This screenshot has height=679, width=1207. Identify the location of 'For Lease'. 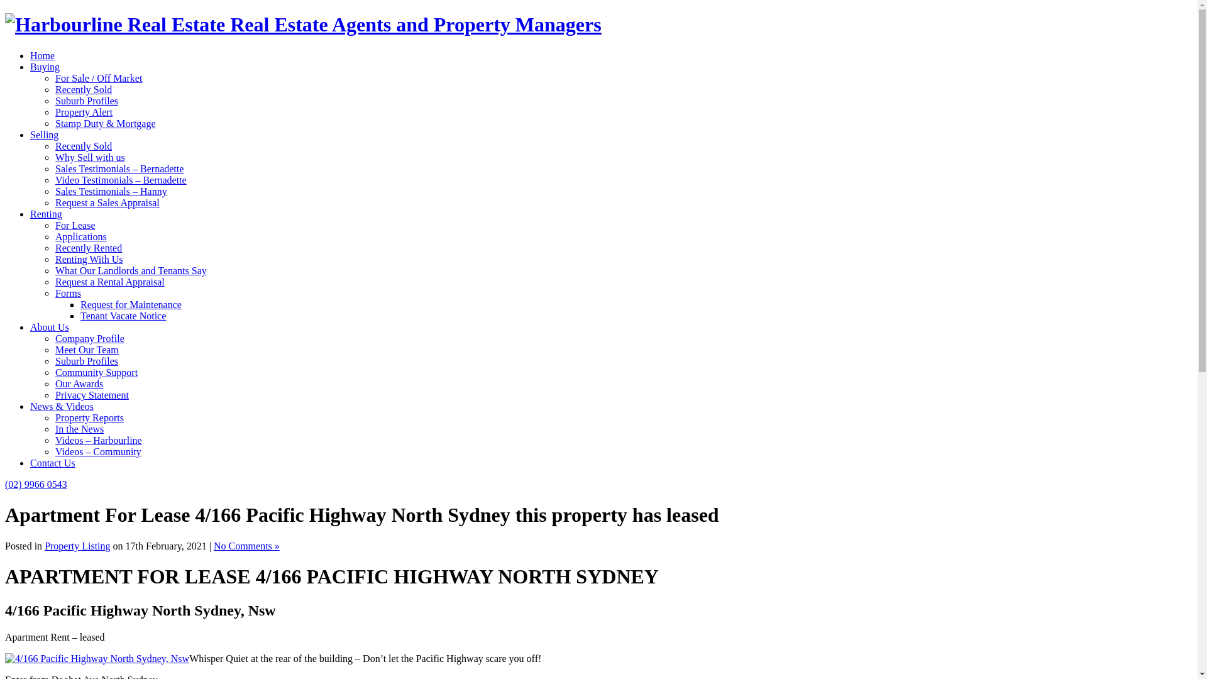
(75, 224).